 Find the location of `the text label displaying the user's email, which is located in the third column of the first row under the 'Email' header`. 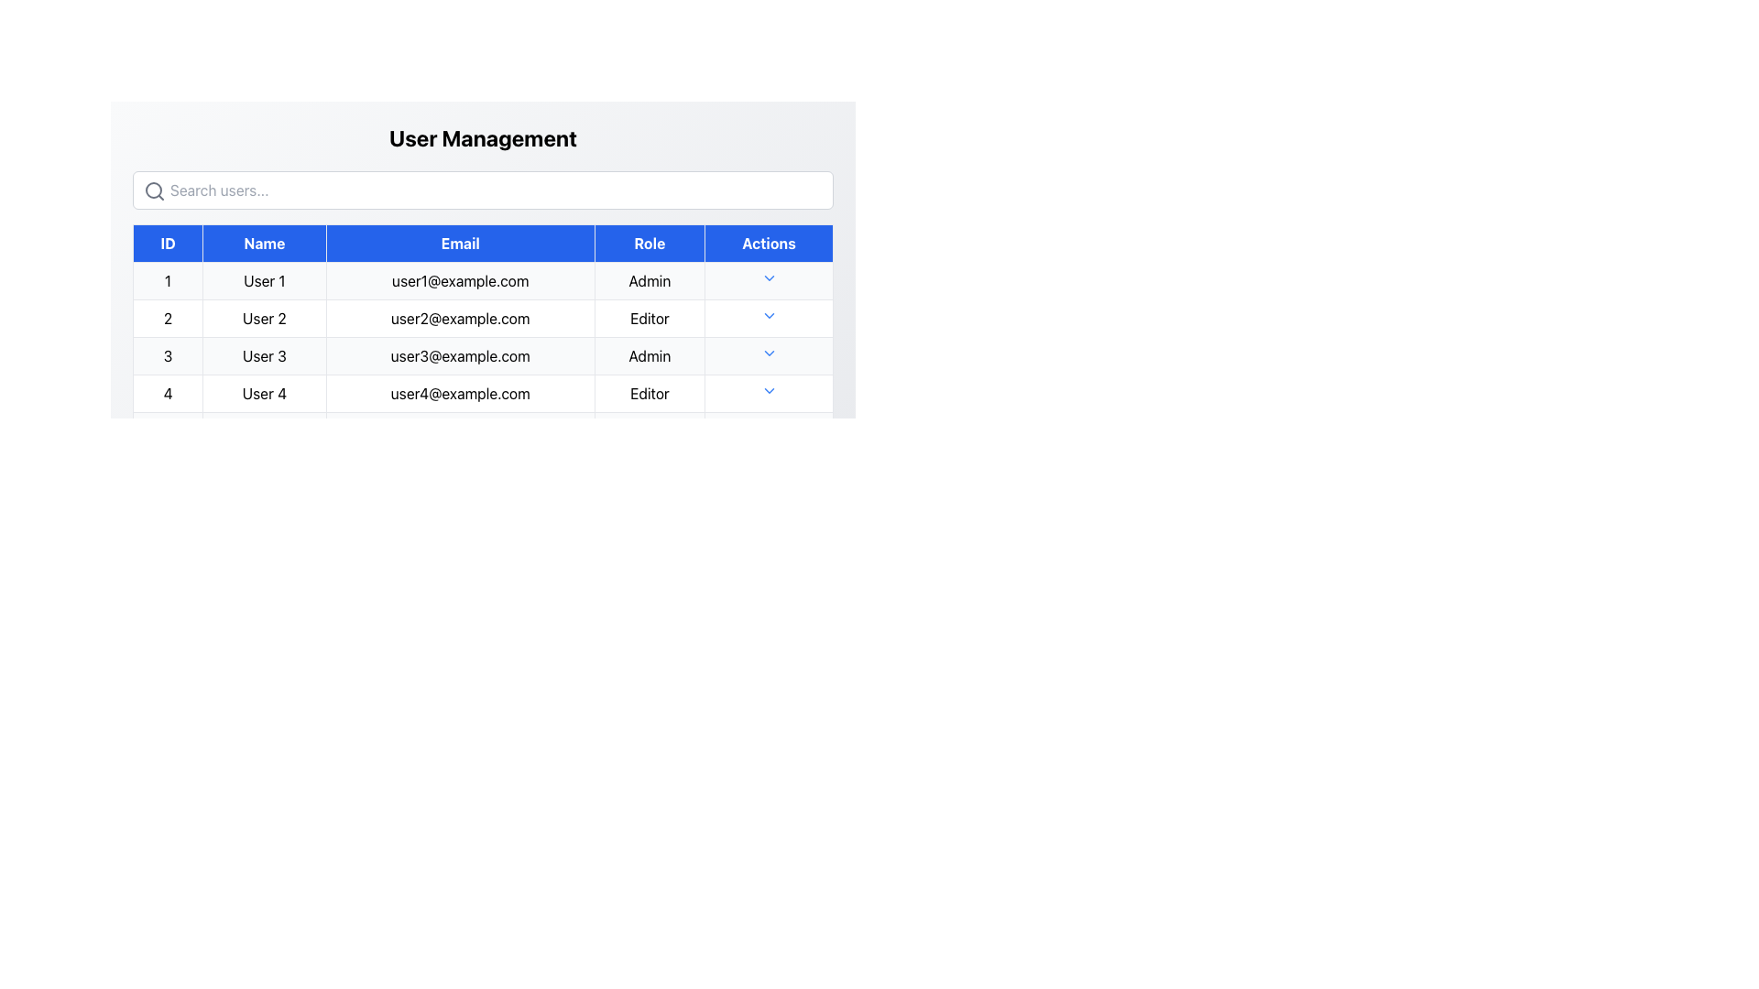

the text label displaying the user's email, which is located in the third column of the first row under the 'Email' header is located at coordinates (460, 281).